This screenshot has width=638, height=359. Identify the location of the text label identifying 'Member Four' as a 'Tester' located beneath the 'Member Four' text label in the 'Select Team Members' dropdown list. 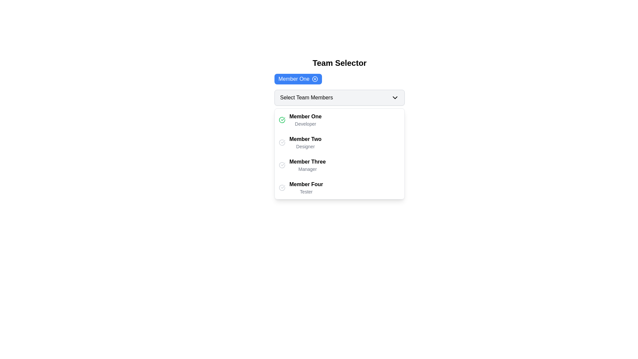
(306, 192).